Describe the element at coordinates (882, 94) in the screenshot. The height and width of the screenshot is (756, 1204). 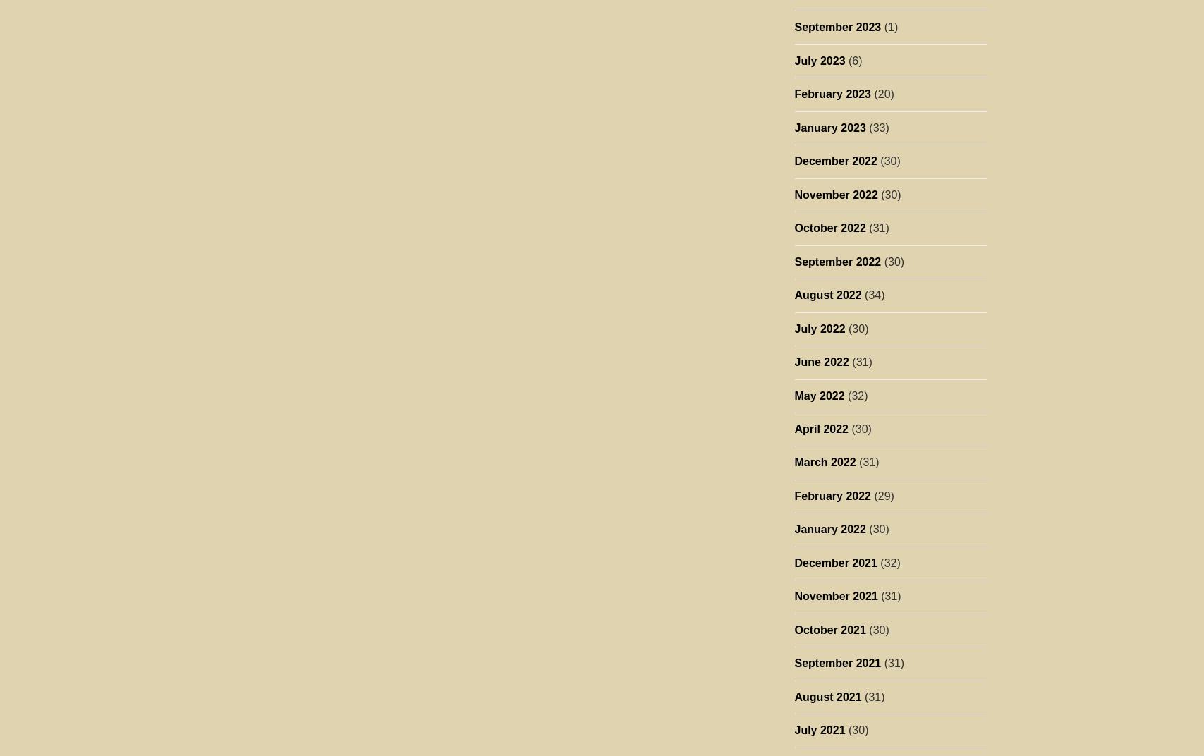
I see `'(20)'` at that location.